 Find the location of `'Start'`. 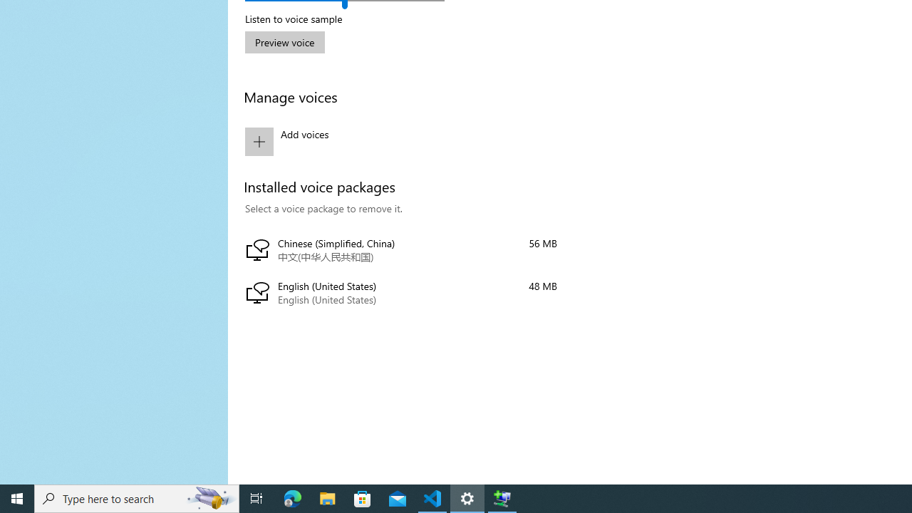

'Start' is located at coordinates (17, 497).